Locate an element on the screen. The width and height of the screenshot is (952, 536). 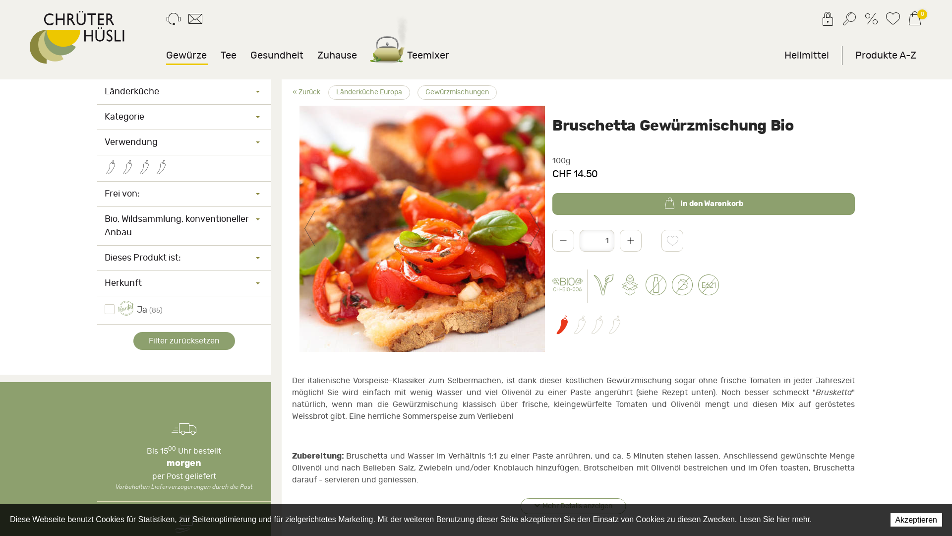
'Heilmittel' is located at coordinates (807, 55).